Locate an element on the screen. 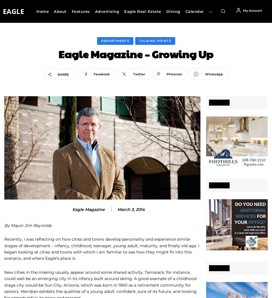  'Recently, I was reflecting on how cities and towns develop personality and experience similar stages of development – infancy, childhood, teenager, young adult, maturity, and finally old age.  I began looking at cities and towns with which I am familiar to see how they might fit into this scenario, and where Eagle’s place is.' is located at coordinates (101, 249).